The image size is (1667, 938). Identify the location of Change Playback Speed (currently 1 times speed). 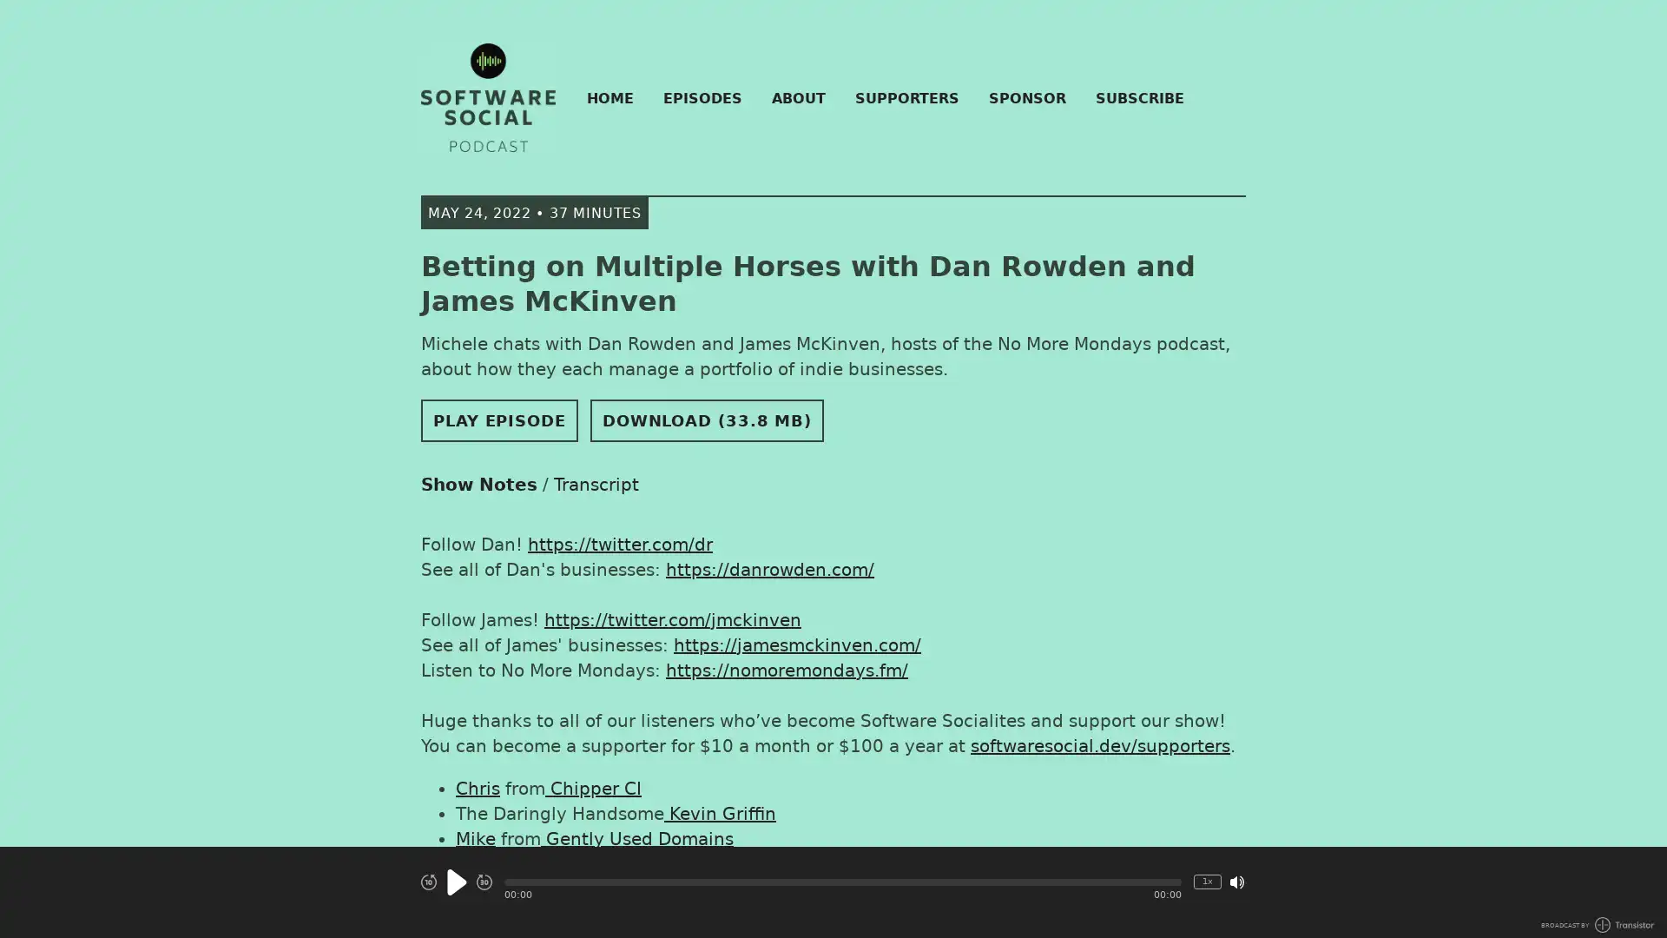
(1207, 881).